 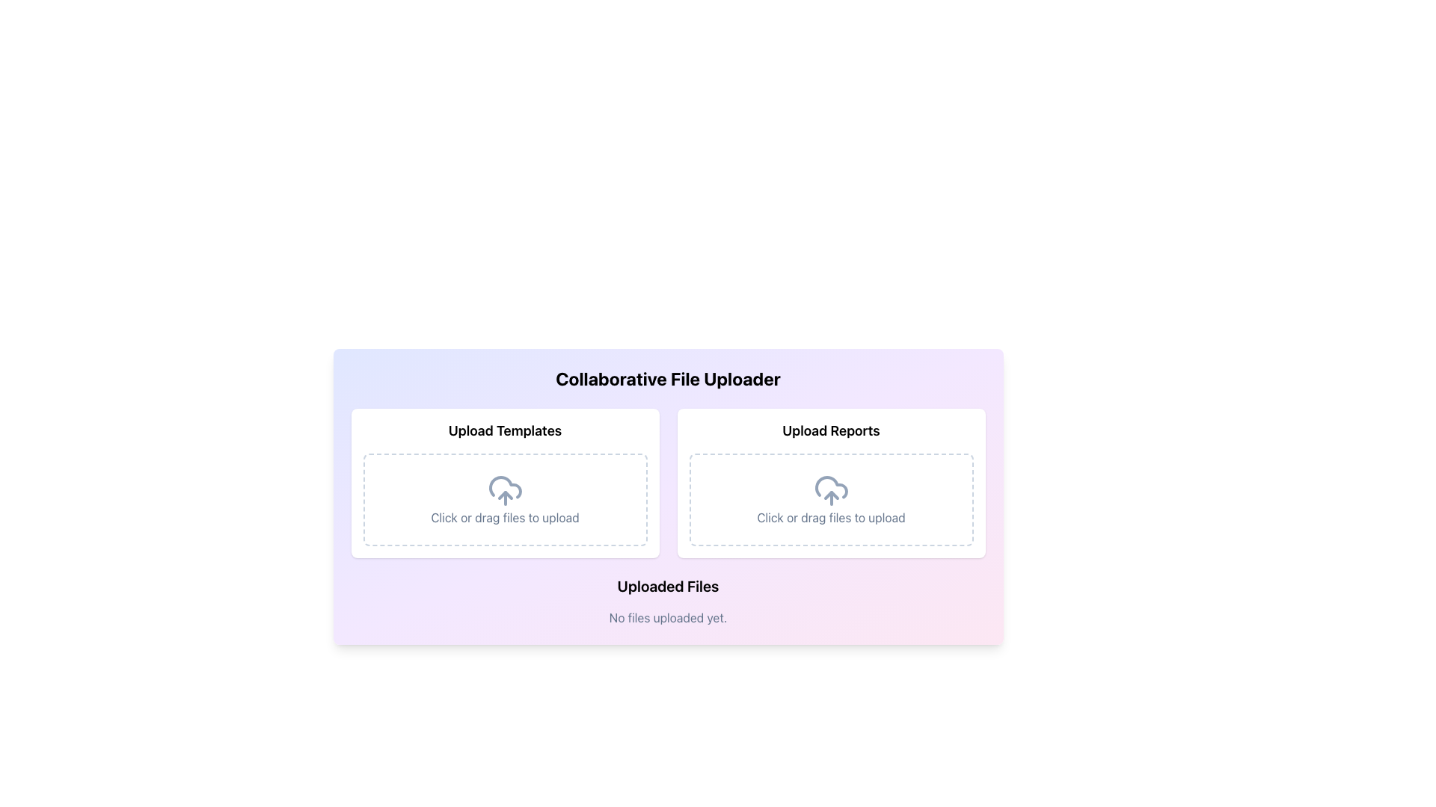 What do you see at coordinates (830, 499) in the screenshot?
I see `the File upload interface with a dashed border and cloud icon that reads 'Click or drag files to upload'` at bounding box center [830, 499].